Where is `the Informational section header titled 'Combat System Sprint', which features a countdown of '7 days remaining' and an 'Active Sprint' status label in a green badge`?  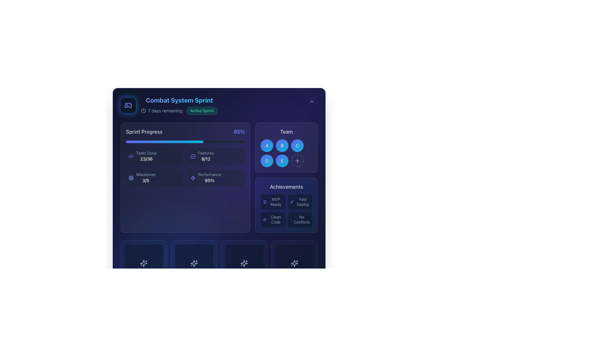 the Informational section header titled 'Combat System Sprint', which features a countdown of '7 days remaining' and an 'Active Sprint' status label in a green badge is located at coordinates (169, 105).